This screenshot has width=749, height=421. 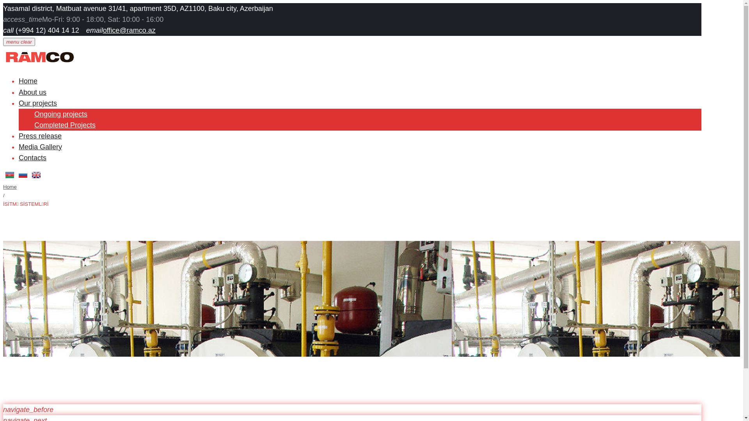 What do you see at coordinates (32, 92) in the screenshot?
I see `'About us'` at bounding box center [32, 92].